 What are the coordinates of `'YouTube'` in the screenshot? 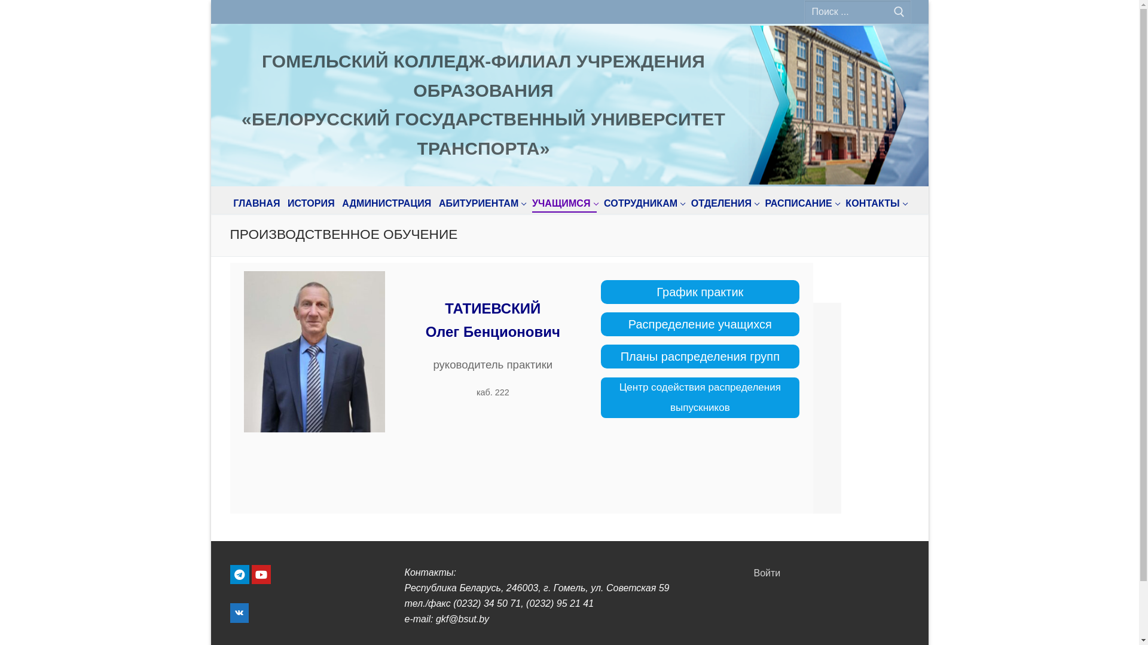 It's located at (251, 573).